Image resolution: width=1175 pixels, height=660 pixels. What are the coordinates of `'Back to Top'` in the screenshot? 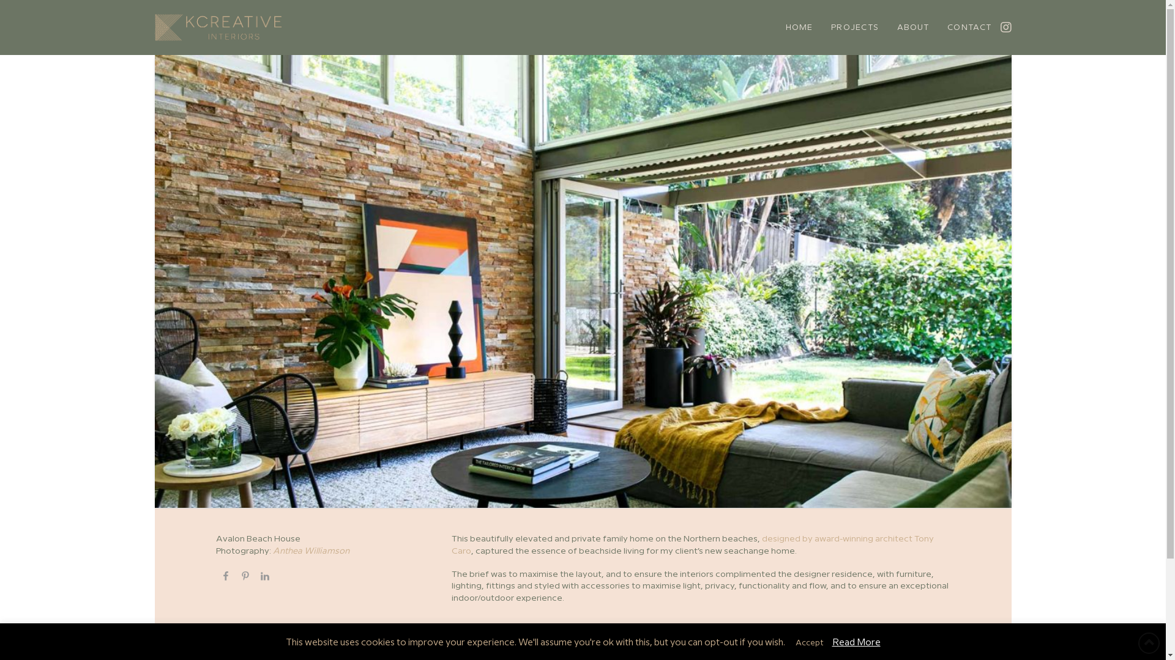 It's located at (1148, 642).